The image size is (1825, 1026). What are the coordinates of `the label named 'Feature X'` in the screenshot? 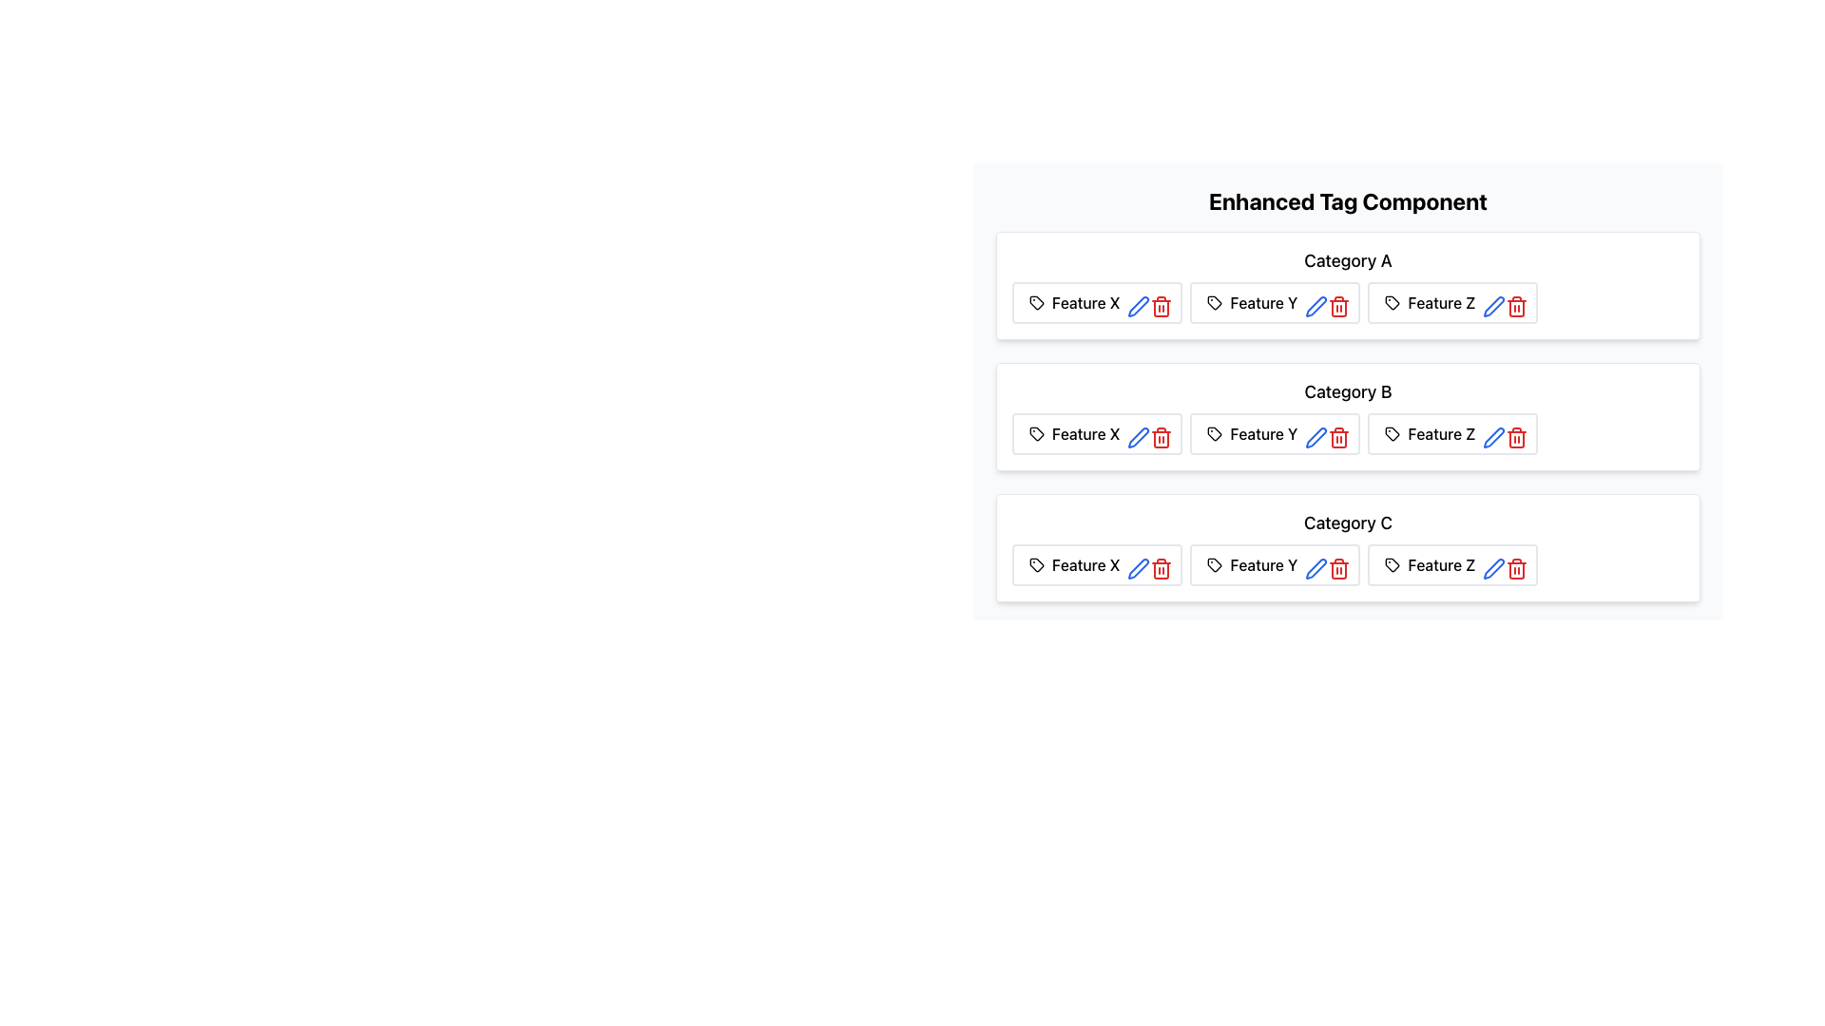 It's located at (1085, 302).